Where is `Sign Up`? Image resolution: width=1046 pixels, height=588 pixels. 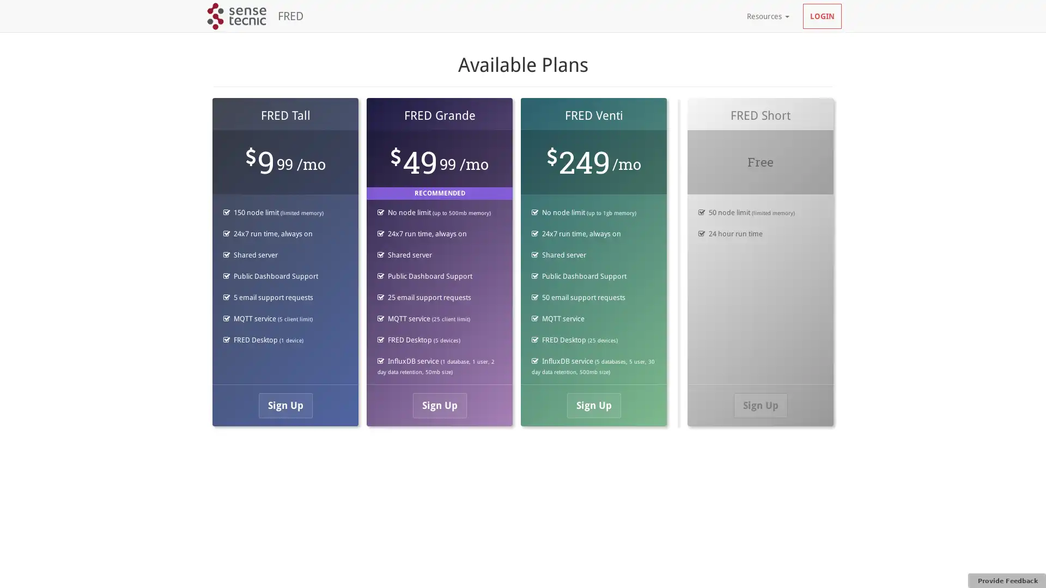 Sign Up is located at coordinates (285, 405).